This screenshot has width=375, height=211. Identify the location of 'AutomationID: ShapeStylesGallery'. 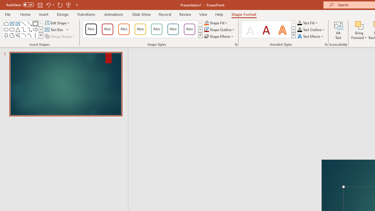
(143, 29).